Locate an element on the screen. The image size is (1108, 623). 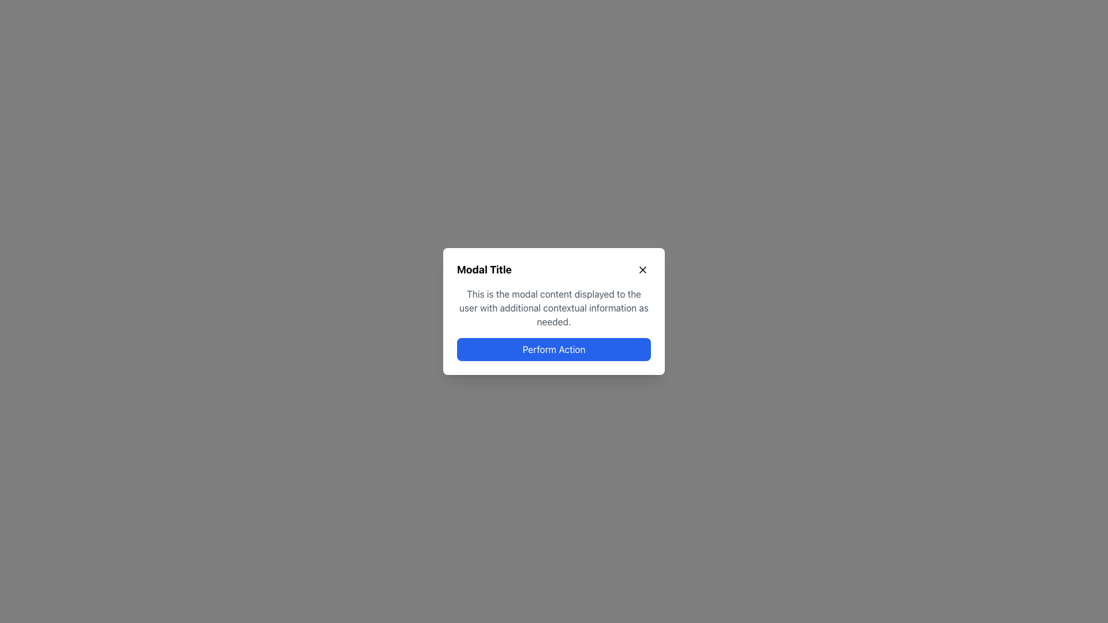
the blue button with white text reading 'Perform Action', located at the bottom of the modal dialog box is located at coordinates (554, 348).